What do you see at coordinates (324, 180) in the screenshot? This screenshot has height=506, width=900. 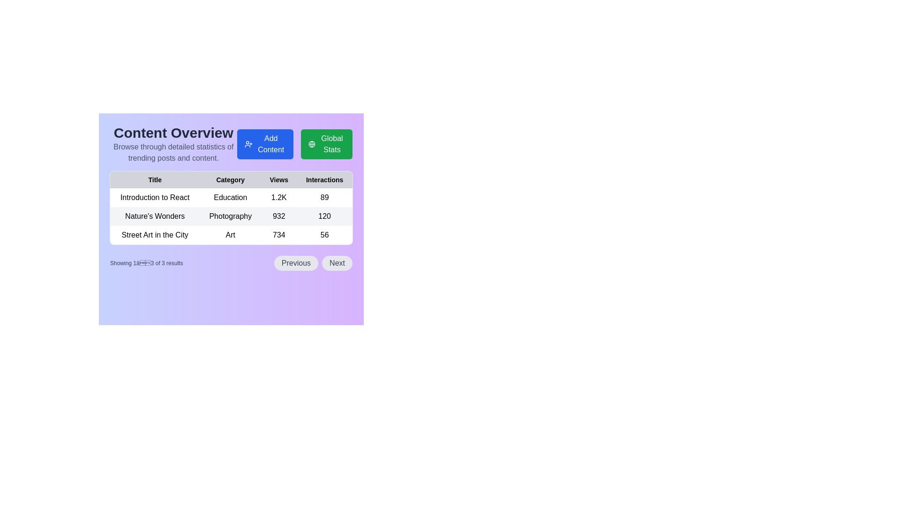 I see `the header label for the 'Interactions' column in the table, which is positioned to the right of 'Views'` at bounding box center [324, 180].